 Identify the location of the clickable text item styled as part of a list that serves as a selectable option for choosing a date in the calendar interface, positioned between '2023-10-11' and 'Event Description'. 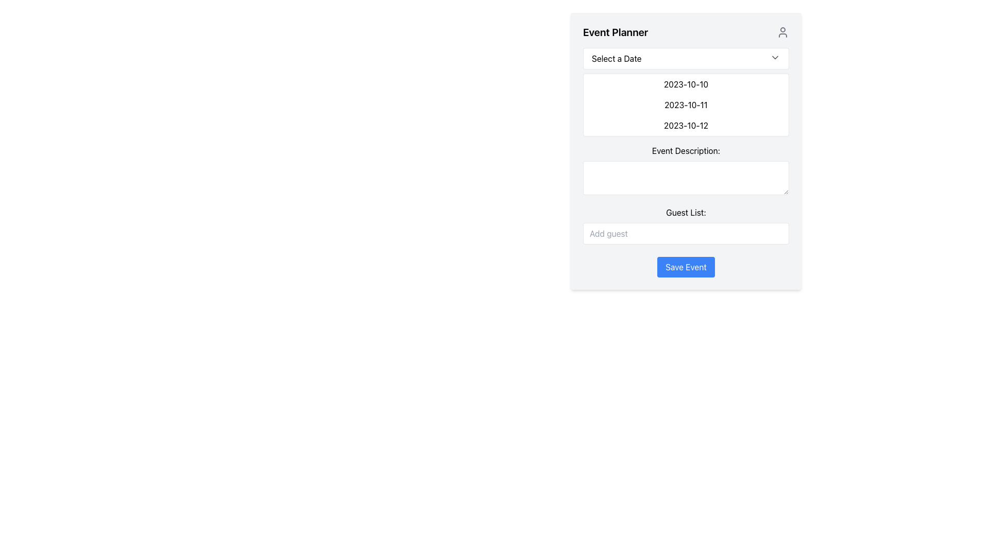
(686, 125).